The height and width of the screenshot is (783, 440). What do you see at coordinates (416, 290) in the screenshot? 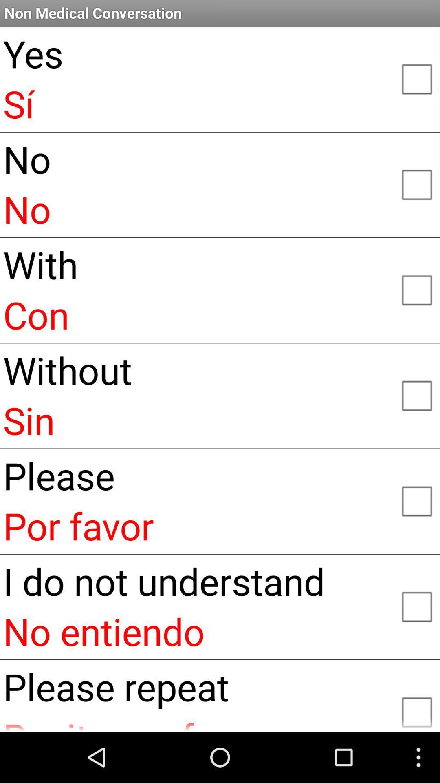
I see `this option` at bounding box center [416, 290].